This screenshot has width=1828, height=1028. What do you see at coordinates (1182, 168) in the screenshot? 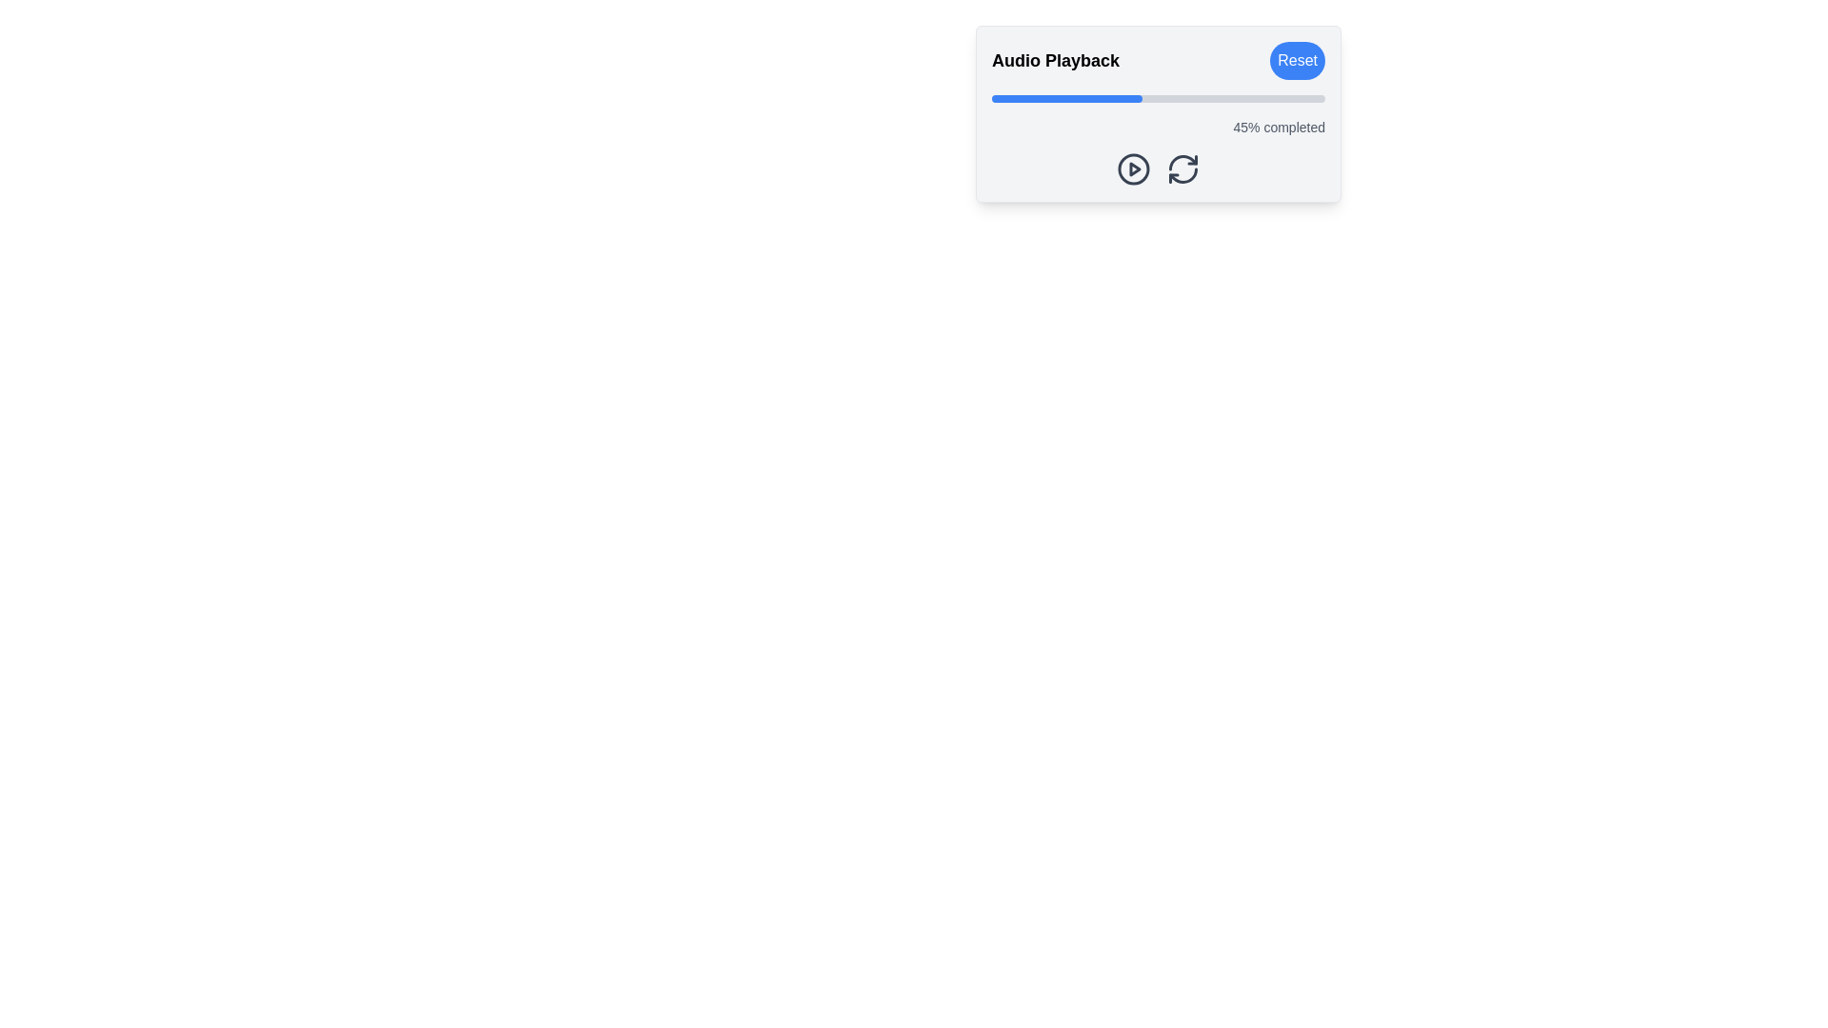
I see `the refresh button, which is represented by two arrows forming a circular pattern and changes color from gray to green when hovered over` at bounding box center [1182, 168].